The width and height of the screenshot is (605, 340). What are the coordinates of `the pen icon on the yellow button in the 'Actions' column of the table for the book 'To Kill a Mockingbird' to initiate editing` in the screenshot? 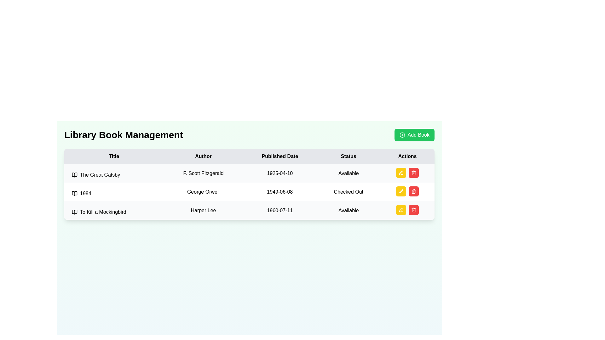 It's located at (401, 210).